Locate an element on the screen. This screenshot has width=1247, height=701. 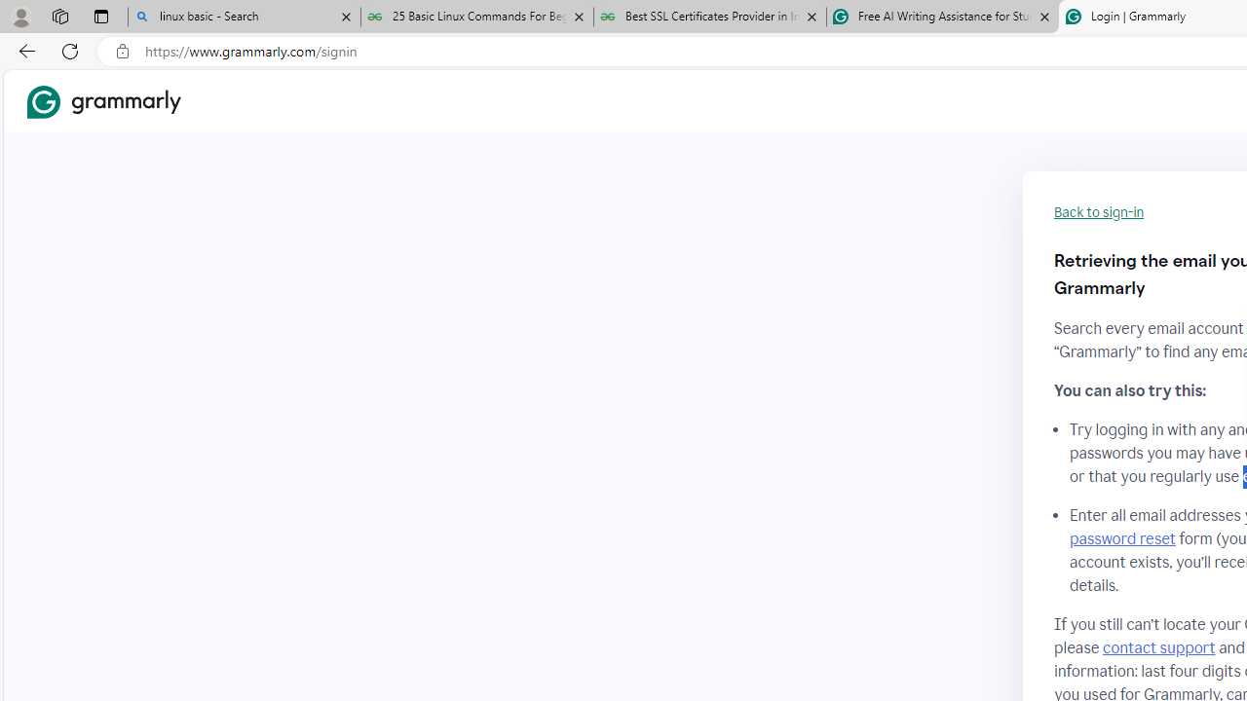
'Back to sign-in' is located at coordinates (1099, 212).